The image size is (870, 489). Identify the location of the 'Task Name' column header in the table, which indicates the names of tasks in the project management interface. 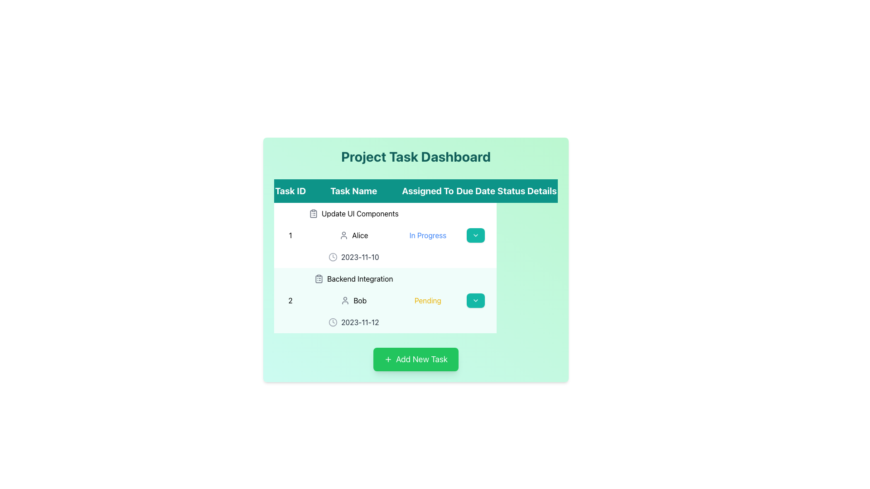
(353, 190).